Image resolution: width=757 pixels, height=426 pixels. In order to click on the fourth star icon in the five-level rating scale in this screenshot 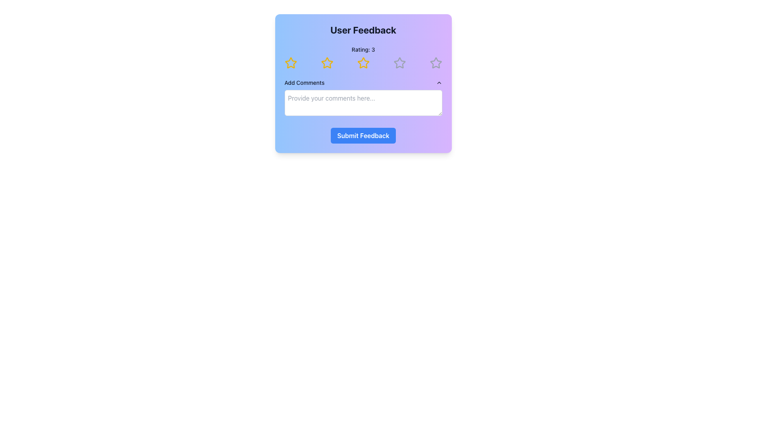, I will do `click(399, 62)`.